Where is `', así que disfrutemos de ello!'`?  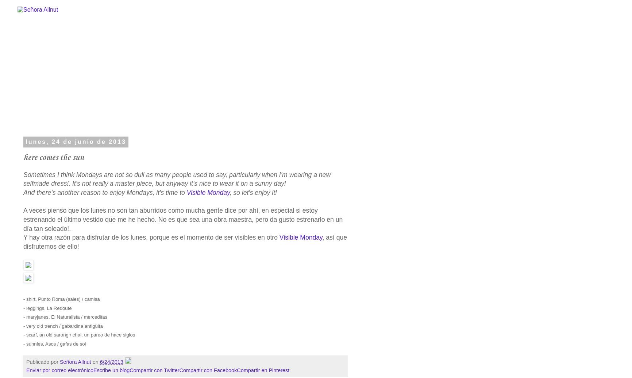
', así que disfrutemos de ello!' is located at coordinates (185, 241).